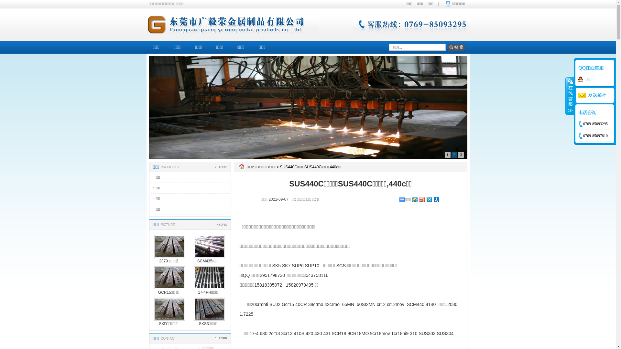 The height and width of the screenshot is (349, 621). Describe the element at coordinates (439, 4) in the screenshot. I see `'|'` at that location.